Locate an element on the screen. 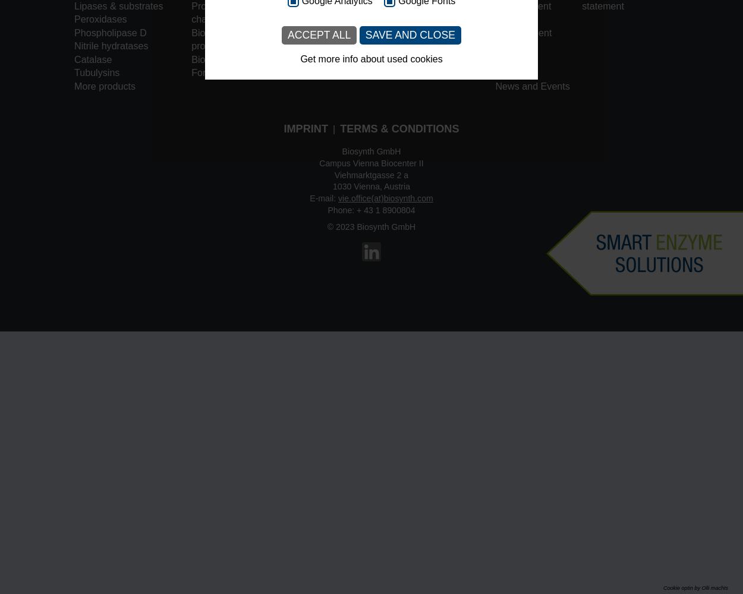 The width and height of the screenshot is (743, 594). 'Business Development' is located at coordinates (523, 26).